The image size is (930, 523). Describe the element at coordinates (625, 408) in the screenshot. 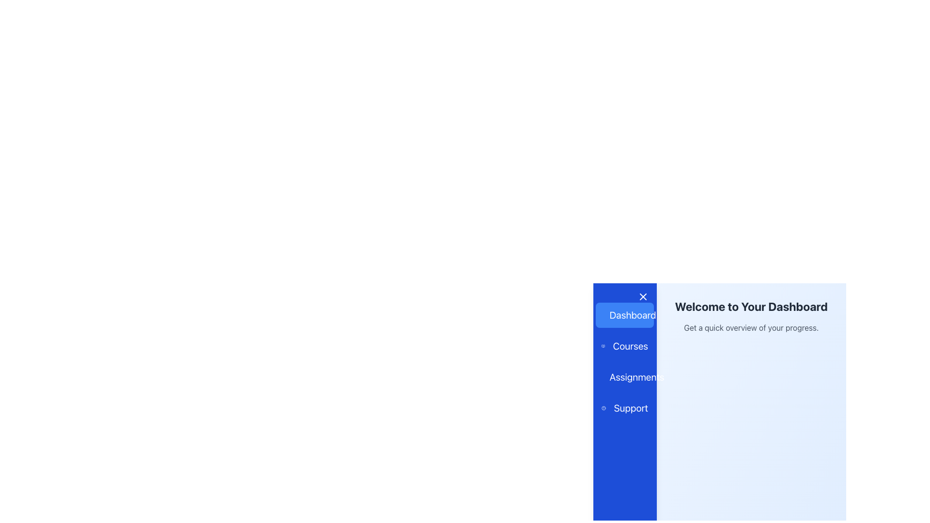

I see `the support button located at the bottom of the vertical list of navigation options on the left sidebar, which is the fourth item below the 'Assignments' button` at that location.